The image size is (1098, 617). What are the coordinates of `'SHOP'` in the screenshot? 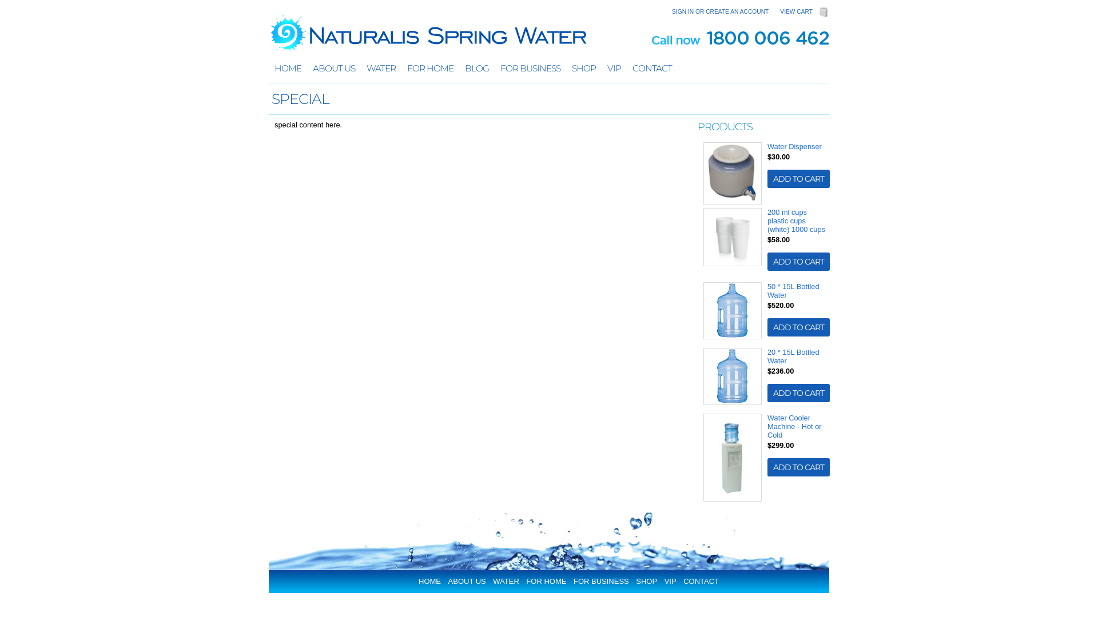 It's located at (584, 68).